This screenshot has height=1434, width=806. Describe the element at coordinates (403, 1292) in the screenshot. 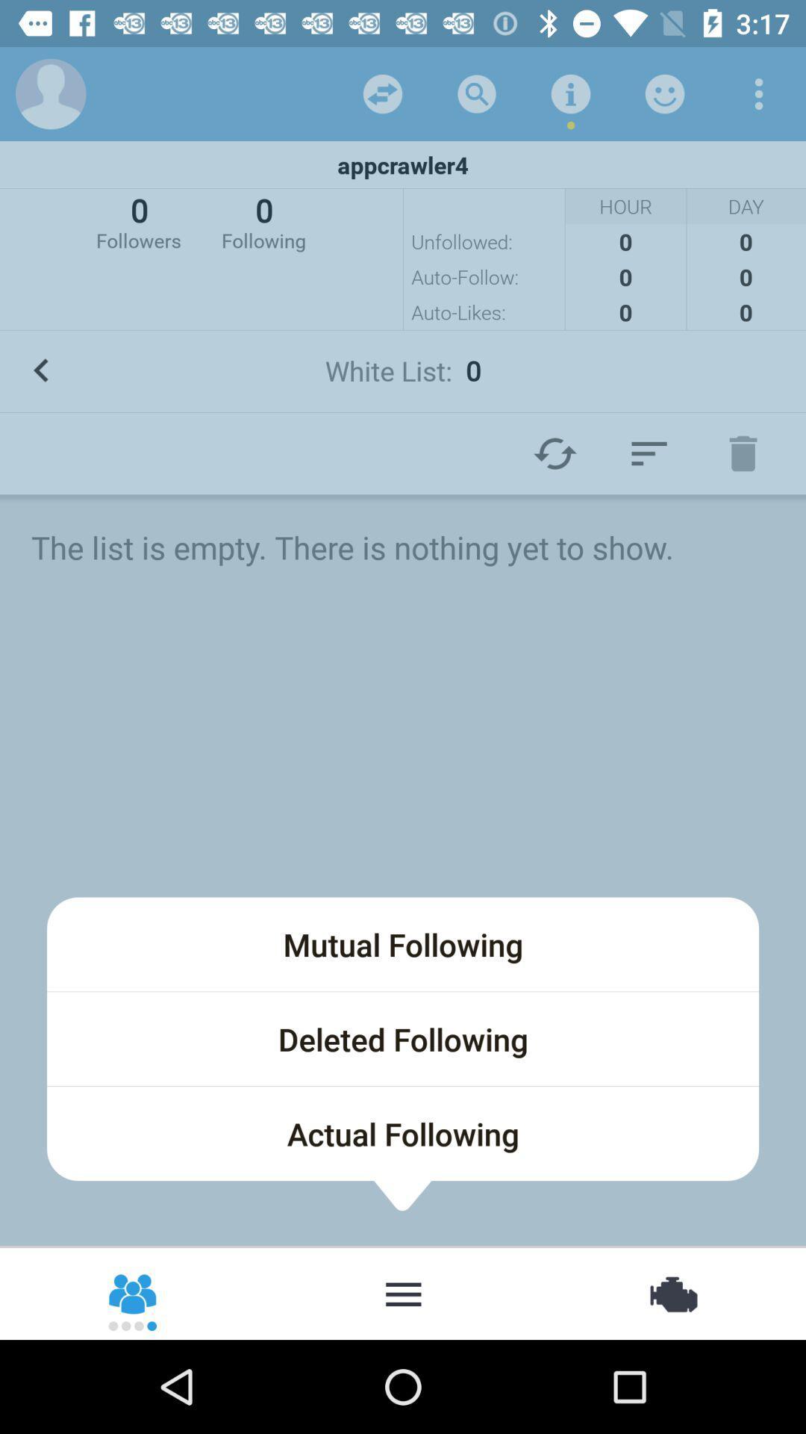

I see `the more icon` at that location.